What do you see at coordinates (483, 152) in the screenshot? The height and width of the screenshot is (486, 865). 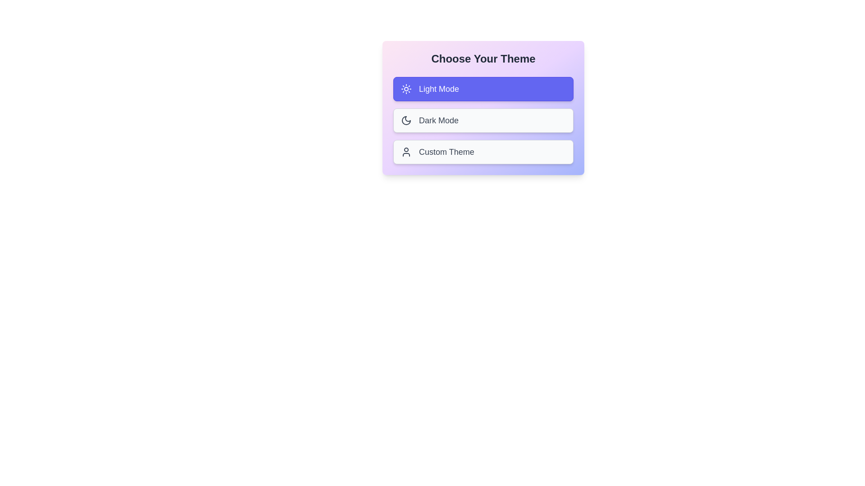 I see `the theme card labeled Custom Theme` at bounding box center [483, 152].